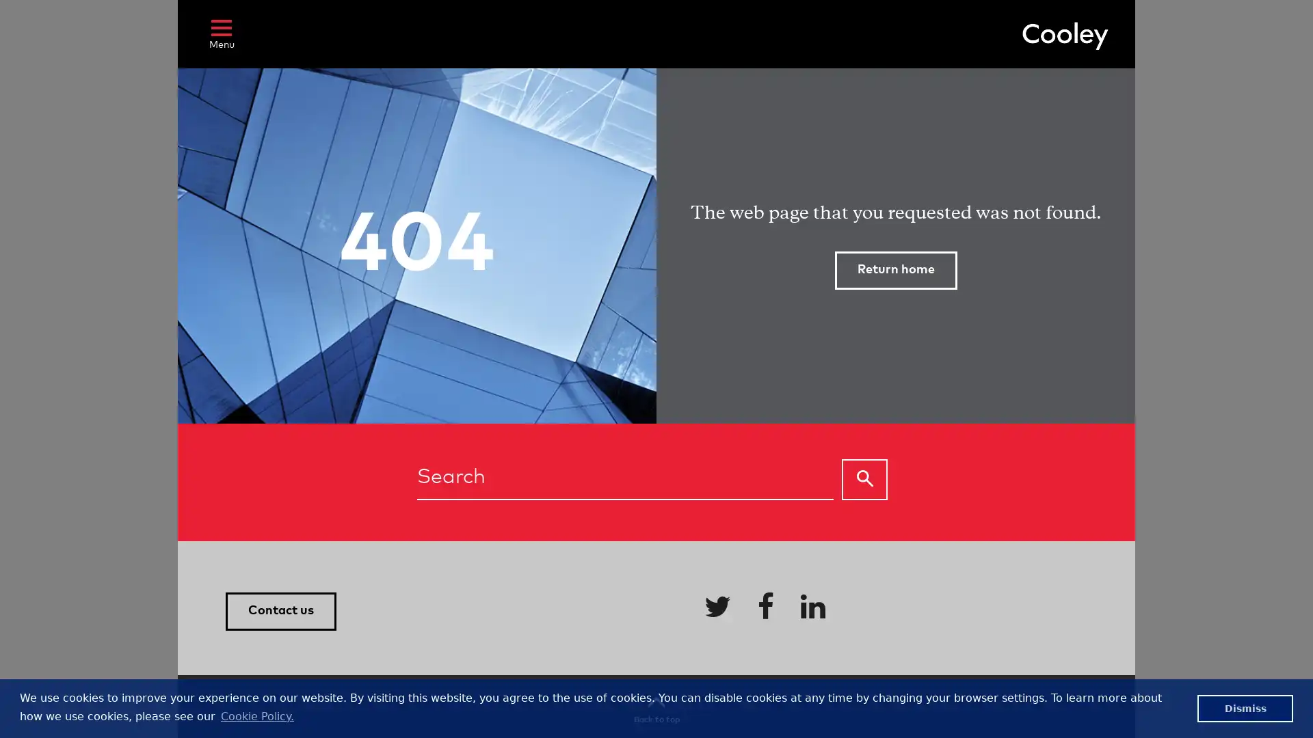 Image resolution: width=1313 pixels, height=738 pixels. Describe the element at coordinates (256, 715) in the screenshot. I see `learn more about cookies` at that location.